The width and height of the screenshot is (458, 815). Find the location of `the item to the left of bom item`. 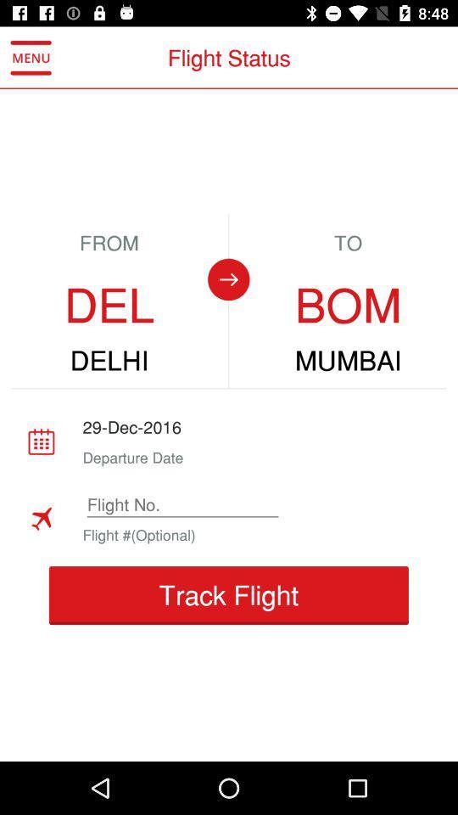

the item to the left of bom item is located at coordinates (228, 279).